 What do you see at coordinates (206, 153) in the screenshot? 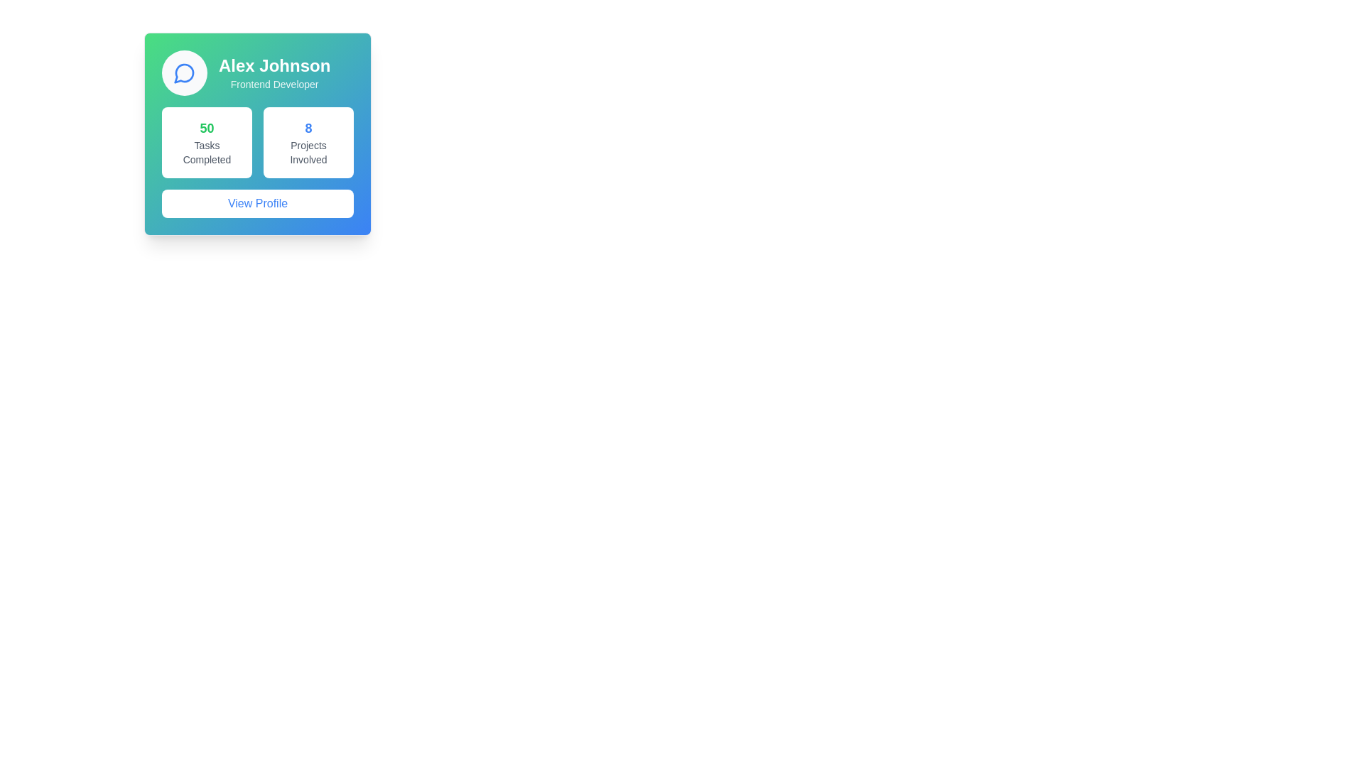
I see `the text label that provides context for the count of completed tasks, positioned below the bold green number '50'` at bounding box center [206, 153].